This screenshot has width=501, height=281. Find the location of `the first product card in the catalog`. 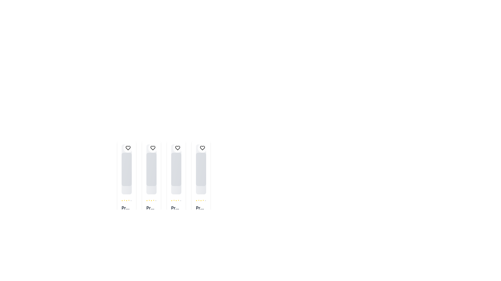

the first product card in the catalog is located at coordinates (127, 187).